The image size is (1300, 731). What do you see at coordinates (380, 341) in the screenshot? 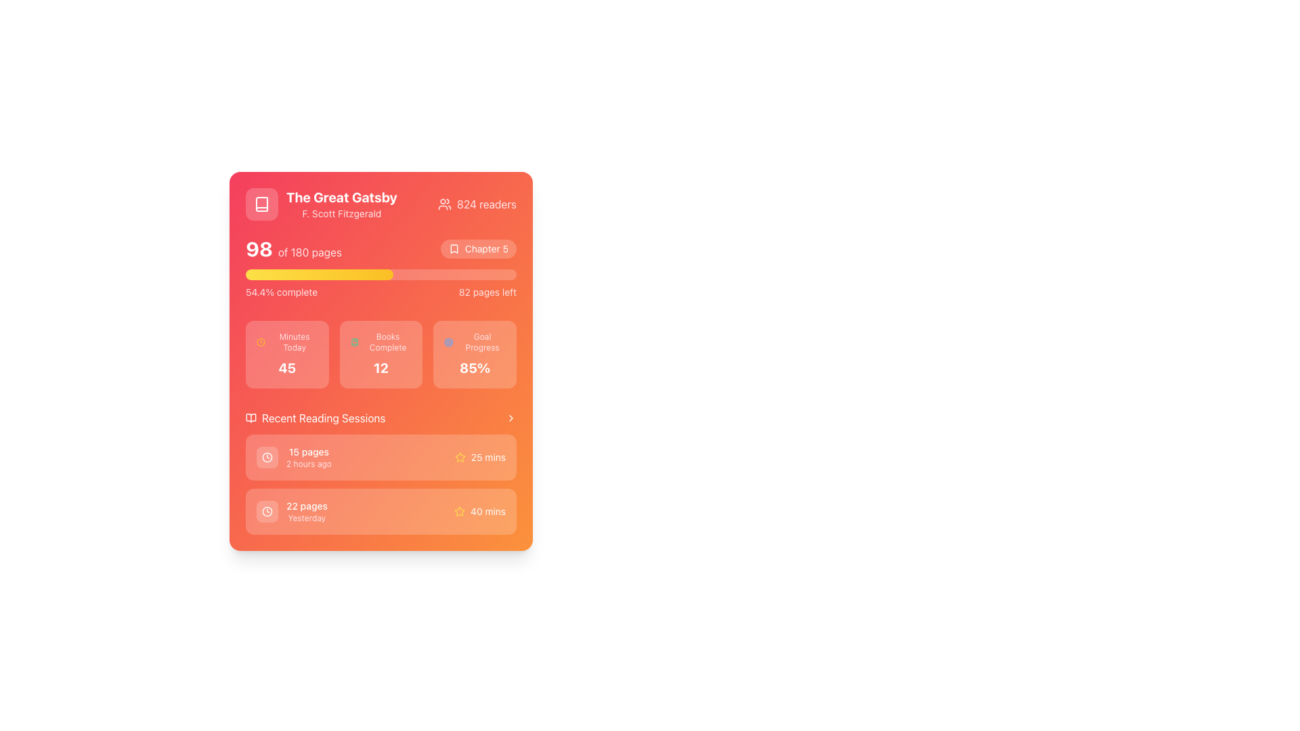
I see `the icon located directly to the right of the text label that describes the statistic '12', which indicates the number of completed books` at bounding box center [380, 341].